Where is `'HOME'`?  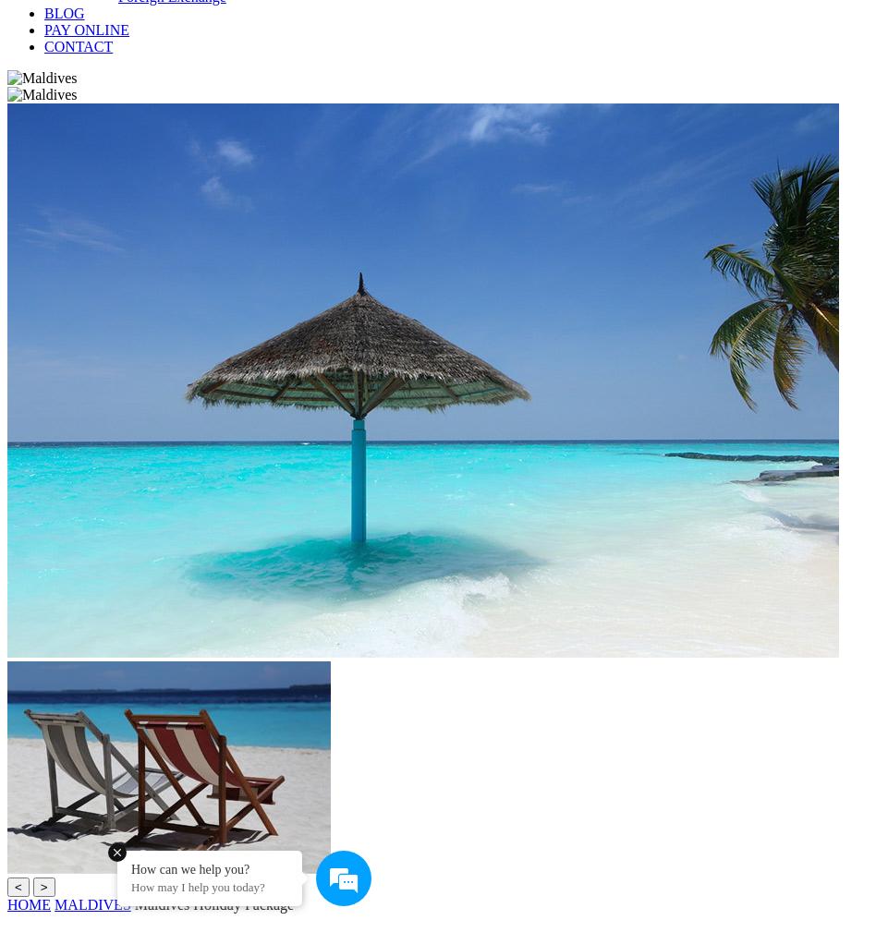
'HOME' is located at coordinates (28, 904).